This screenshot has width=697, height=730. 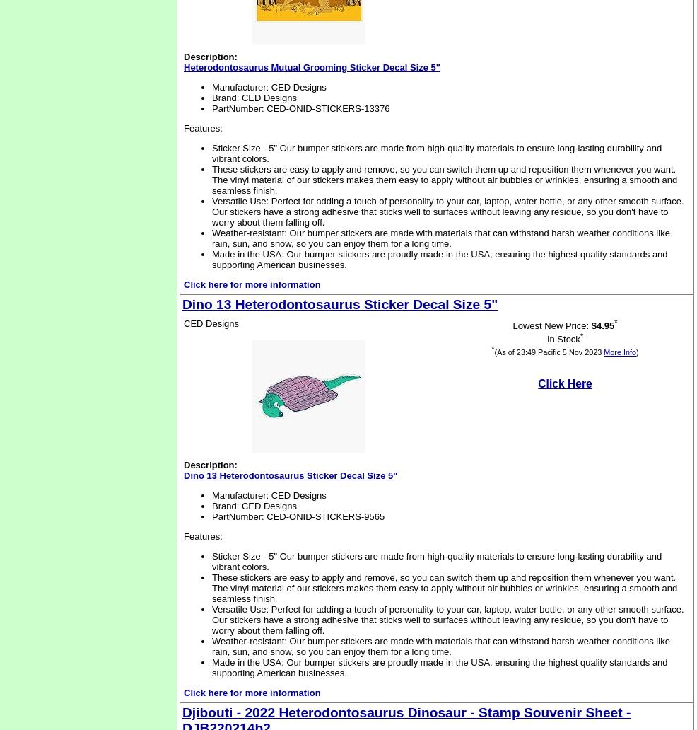 What do you see at coordinates (298, 516) in the screenshot?
I see `'PartNumber: CED-ONID-STICKERS-9565'` at bounding box center [298, 516].